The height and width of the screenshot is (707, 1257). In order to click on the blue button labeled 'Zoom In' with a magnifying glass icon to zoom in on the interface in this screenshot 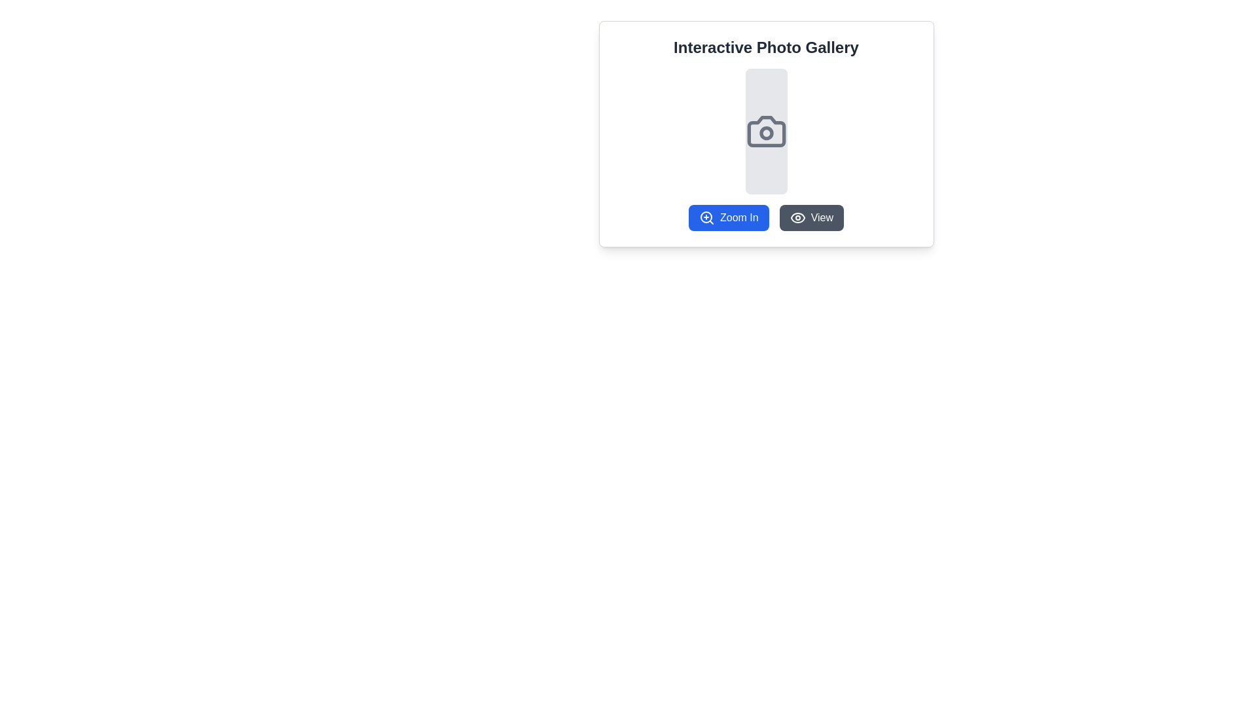, I will do `click(728, 217)`.